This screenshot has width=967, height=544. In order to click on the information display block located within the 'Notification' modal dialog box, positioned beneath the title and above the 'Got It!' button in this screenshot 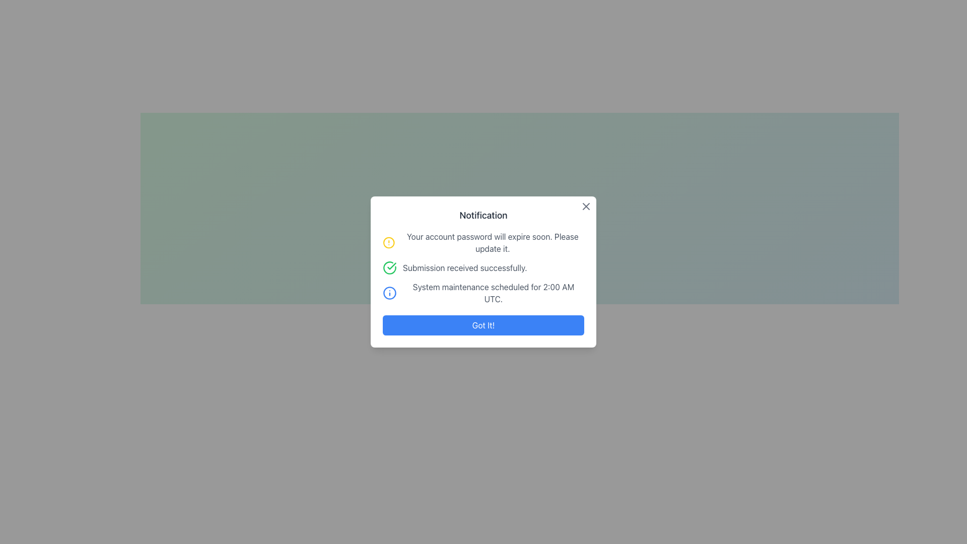, I will do `click(483, 267)`.